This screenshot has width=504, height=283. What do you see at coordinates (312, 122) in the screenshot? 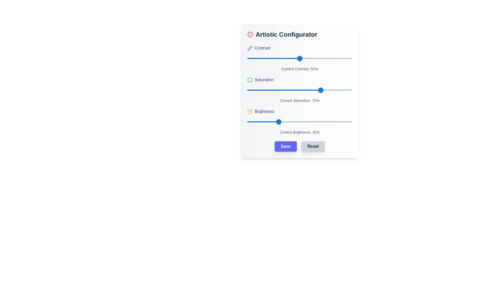
I see `the brightness level` at bounding box center [312, 122].